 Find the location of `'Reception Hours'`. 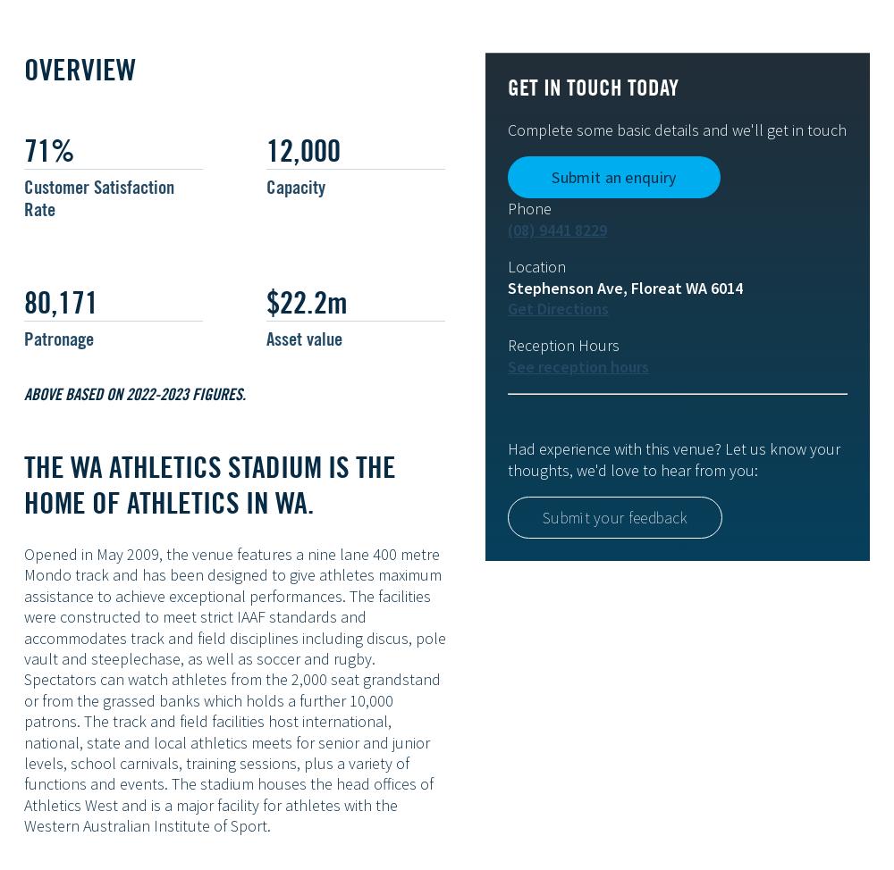

'Reception Hours' is located at coordinates (563, 345).